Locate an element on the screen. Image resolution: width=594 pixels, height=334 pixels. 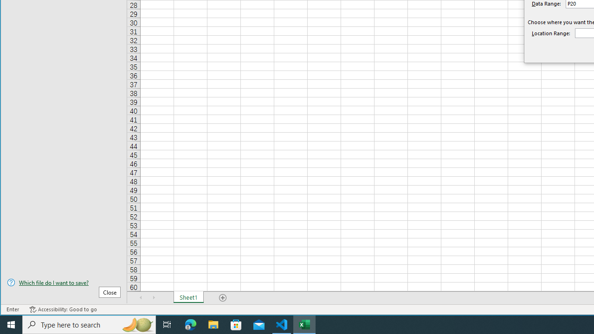
'Accessibility Checker Accessibility: Good to go' is located at coordinates (63, 309).